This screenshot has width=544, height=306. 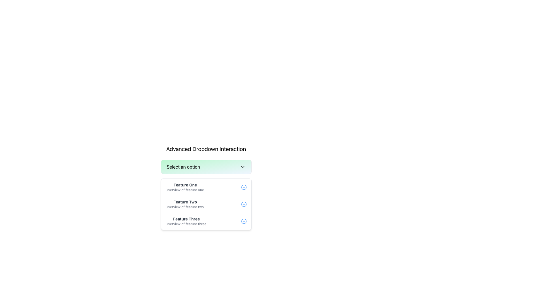 What do you see at coordinates (244, 221) in the screenshot?
I see `the graphical icon indicating a deletion operation for the 'Feature Three' option, located at the rightmost position among the elements under 'Feature Three'` at bounding box center [244, 221].